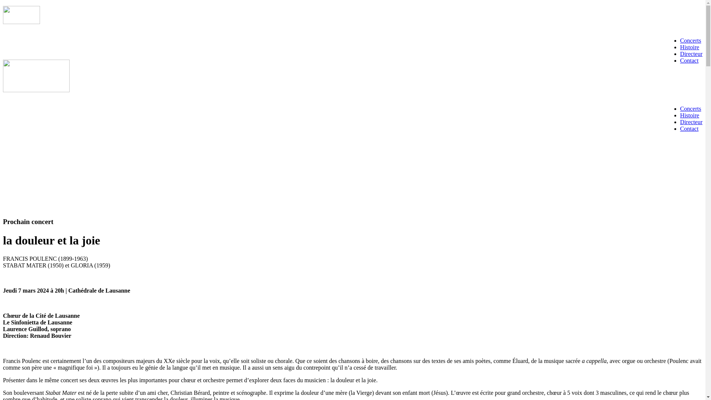 Image resolution: width=711 pixels, height=400 pixels. What do you see at coordinates (689, 60) in the screenshot?
I see `'Contact'` at bounding box center [689, 60].